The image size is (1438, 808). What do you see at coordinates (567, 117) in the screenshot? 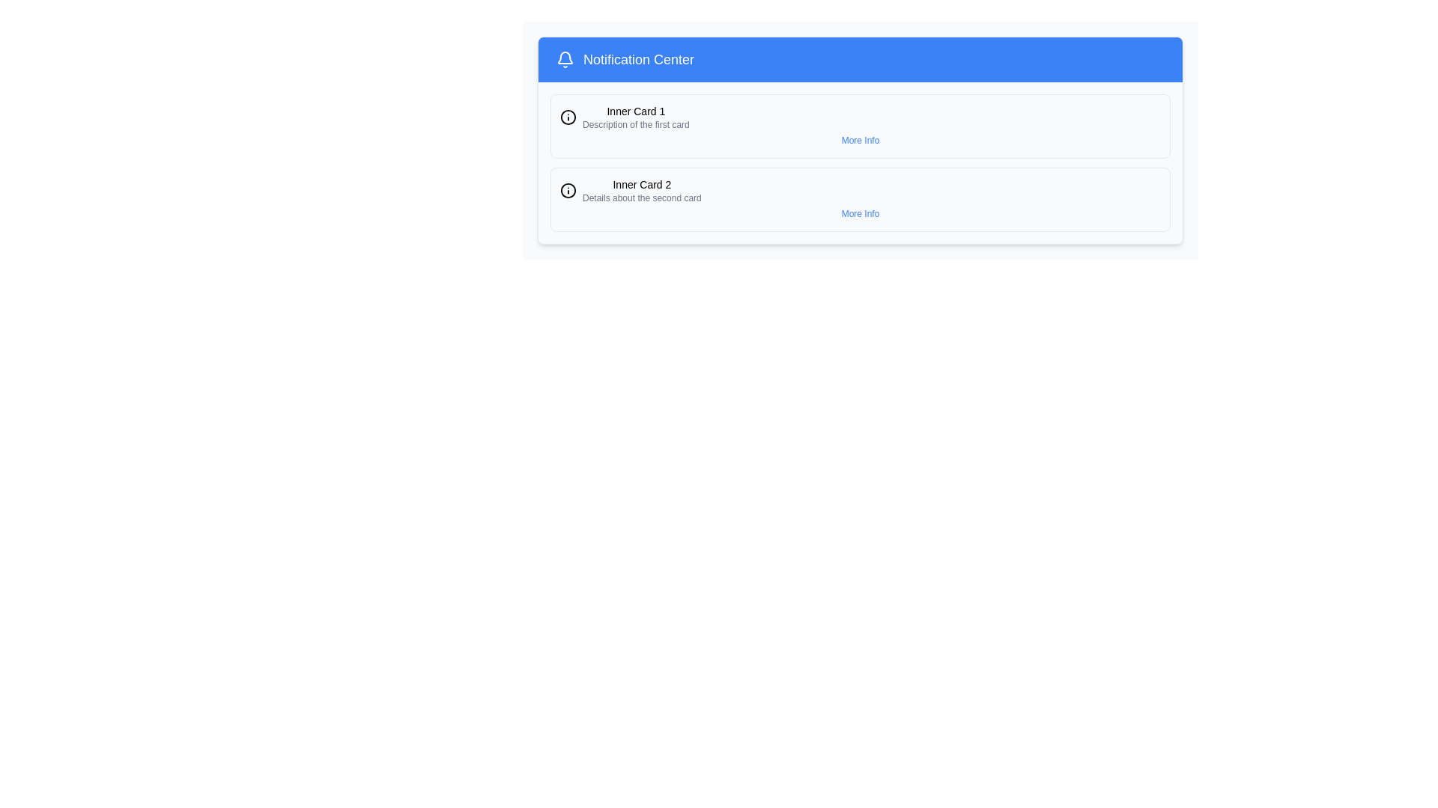
I see `the informational icon with an 'i' symbol located at the leftmost side of the 'Inner Card 1' section in the Notification Center interface` at bounding box center [567, 117].